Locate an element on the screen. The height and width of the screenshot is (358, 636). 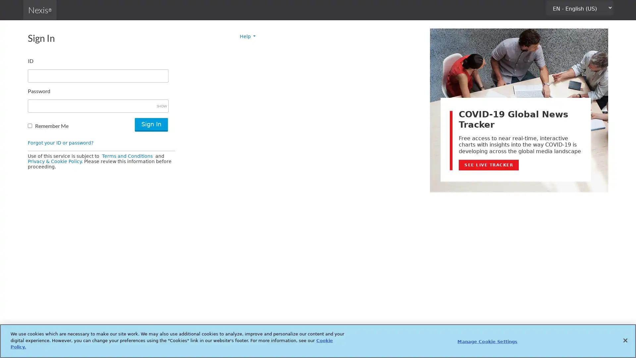
Help is located at coordinates (247, 36).